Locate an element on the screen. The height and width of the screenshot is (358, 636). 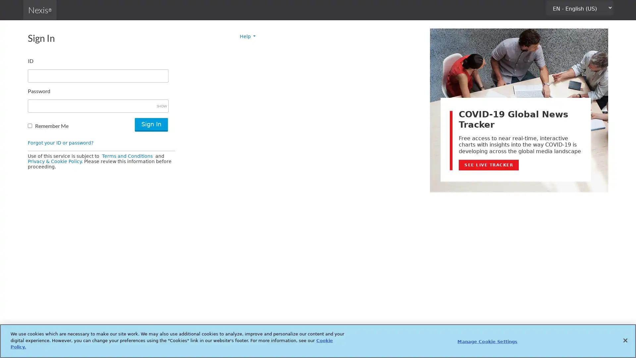
Help is located at coordinates (247, 36).